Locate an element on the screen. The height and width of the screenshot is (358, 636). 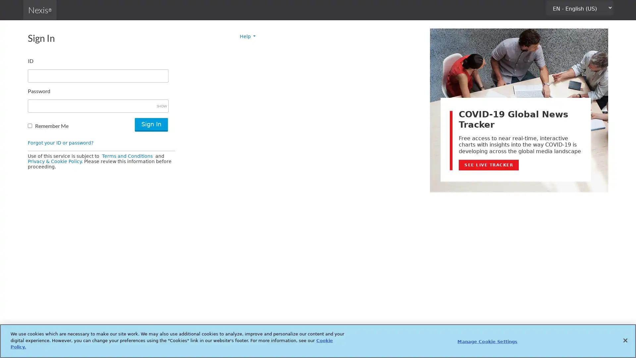
Help is located at coordinates (247, 36).